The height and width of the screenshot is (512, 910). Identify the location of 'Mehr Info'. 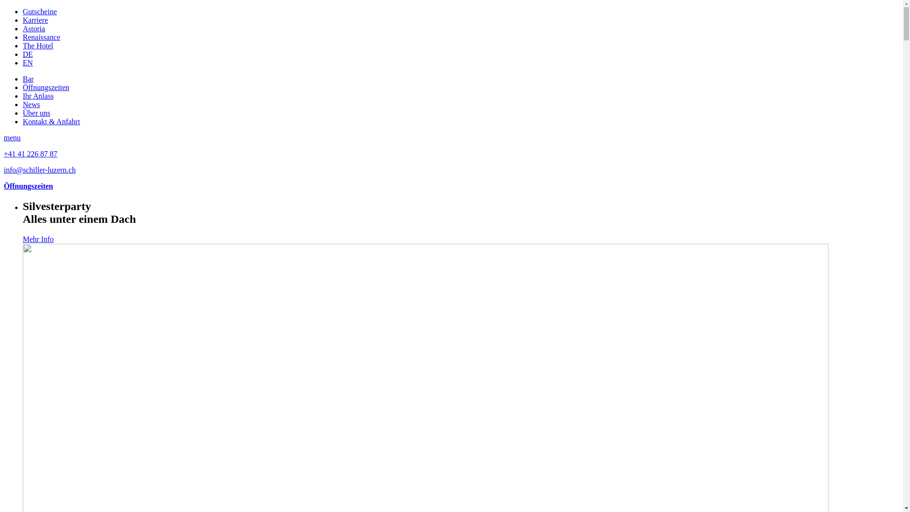
(23, 238).